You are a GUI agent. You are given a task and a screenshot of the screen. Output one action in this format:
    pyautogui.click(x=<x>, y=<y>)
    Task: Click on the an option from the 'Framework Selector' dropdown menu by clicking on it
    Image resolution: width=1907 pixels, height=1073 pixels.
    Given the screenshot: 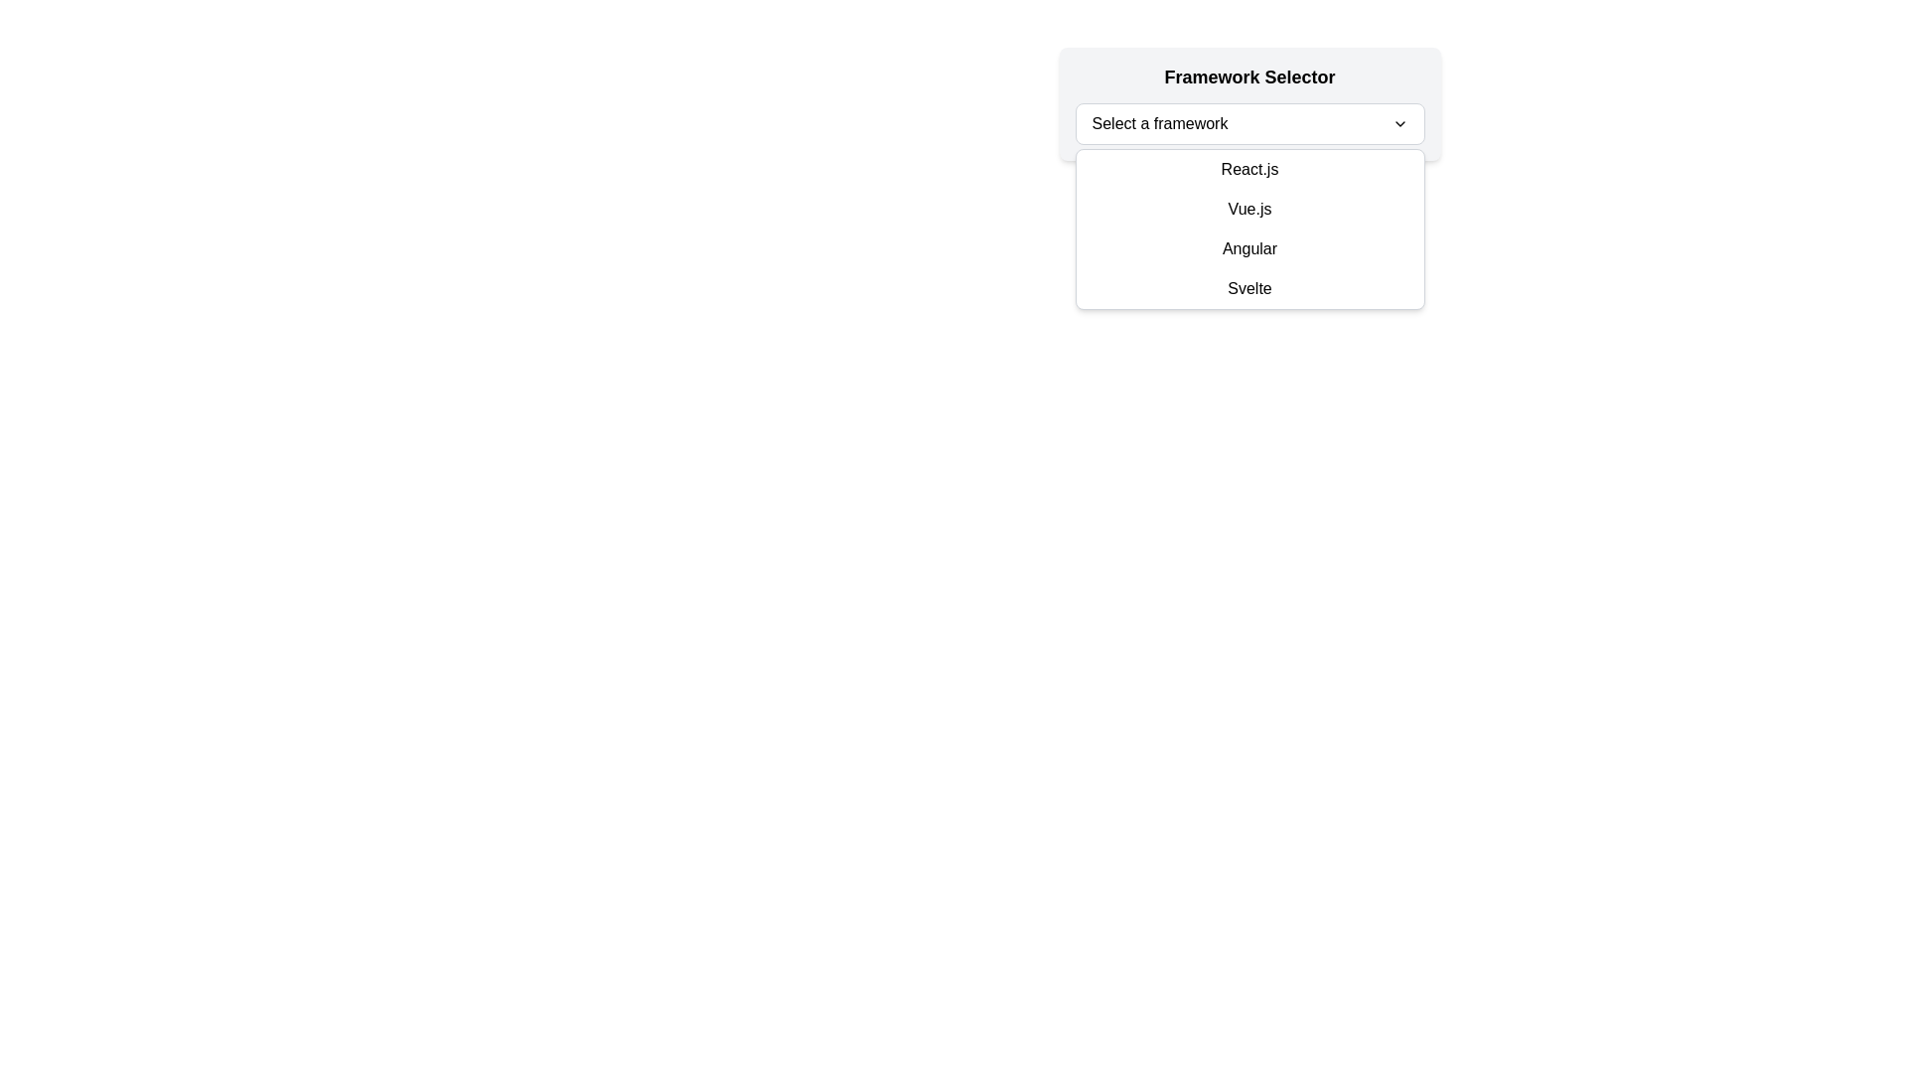 What is the action you would take?
    pyautogui.click(x=1248, y=240)
    